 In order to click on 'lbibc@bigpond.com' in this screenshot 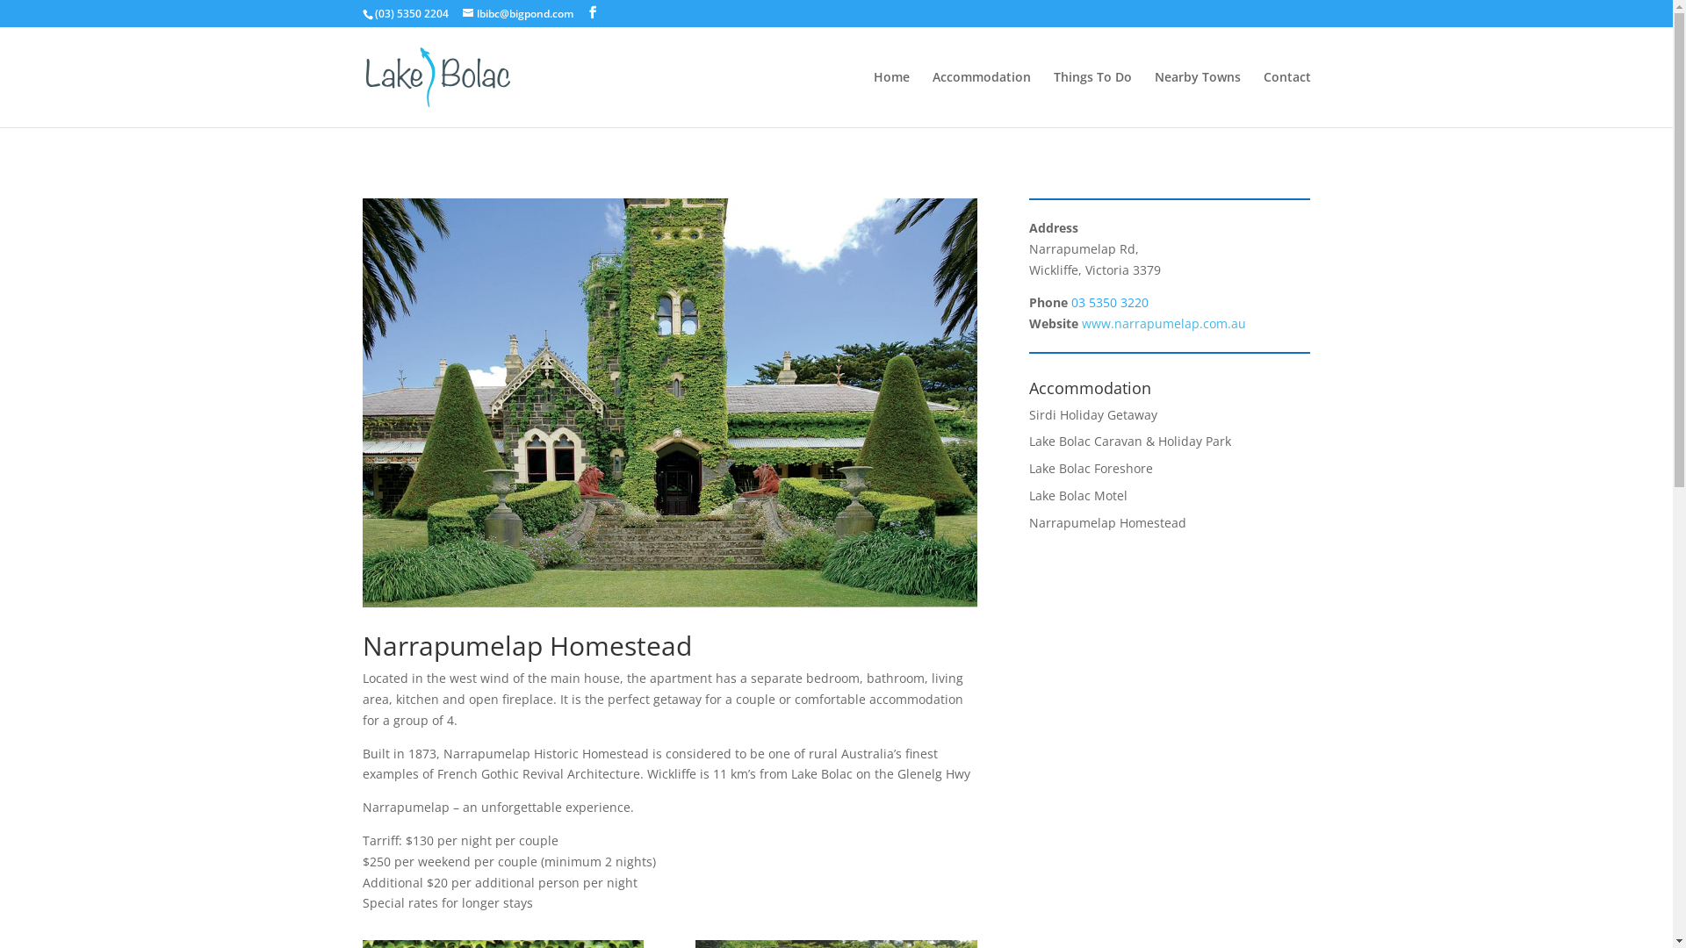, I will do `click(516, 13)`.